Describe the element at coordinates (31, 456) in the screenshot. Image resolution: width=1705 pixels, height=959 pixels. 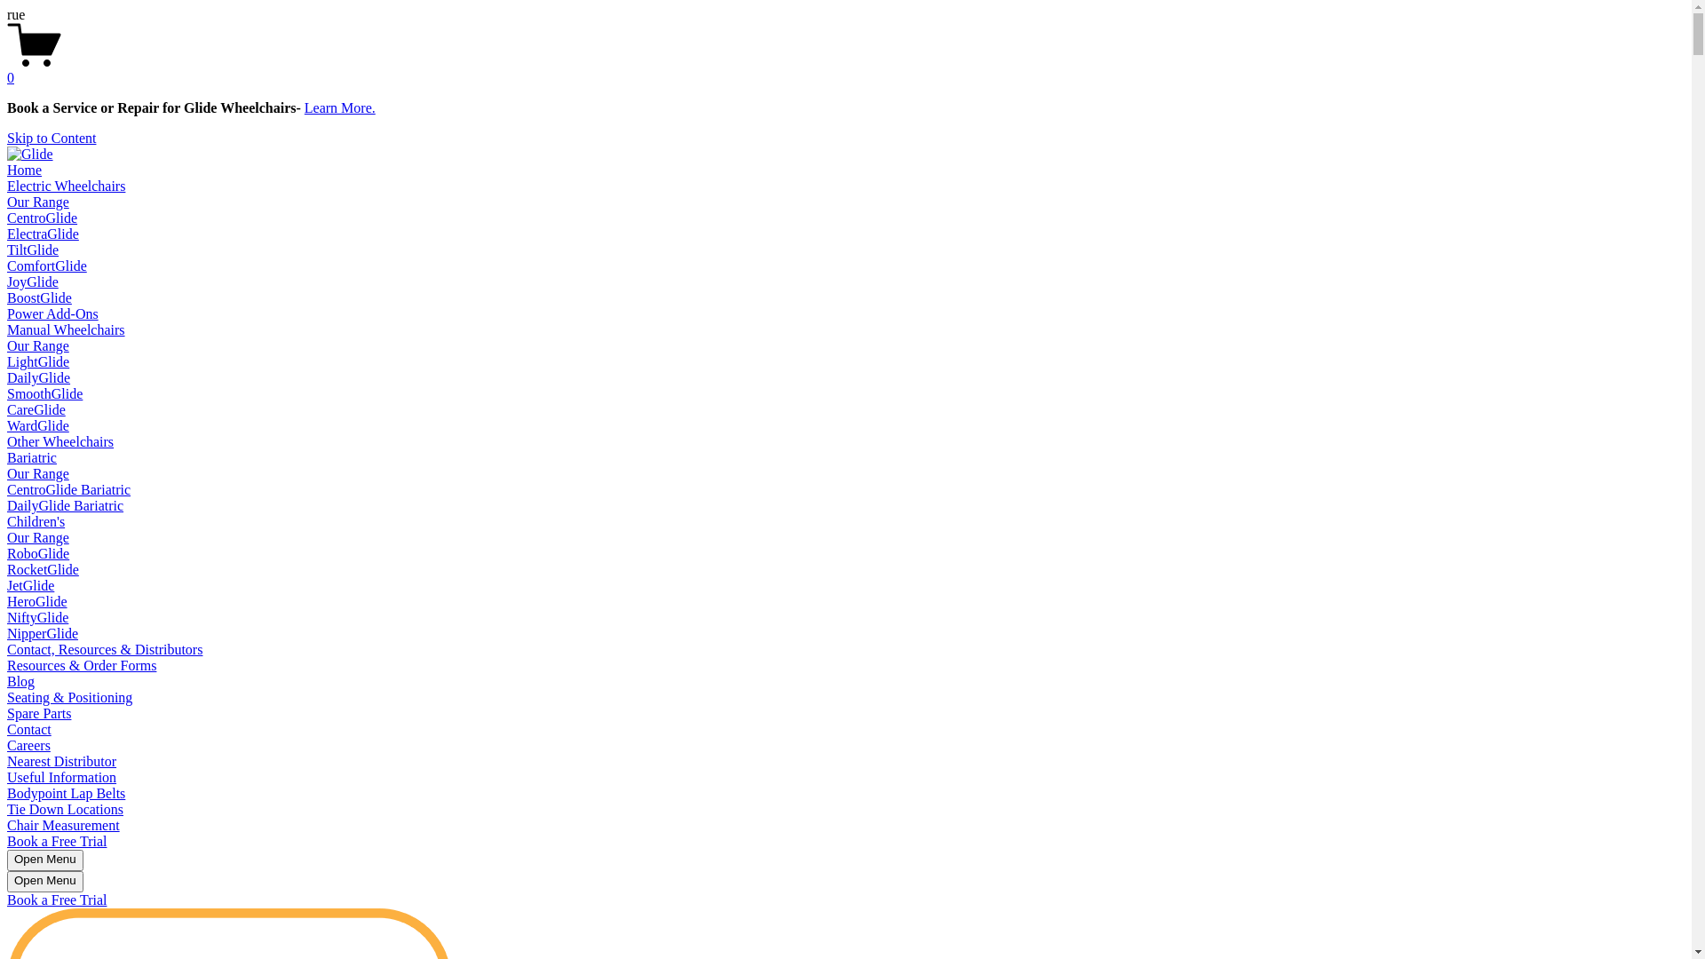
I see `'Bariatric'` at that location.